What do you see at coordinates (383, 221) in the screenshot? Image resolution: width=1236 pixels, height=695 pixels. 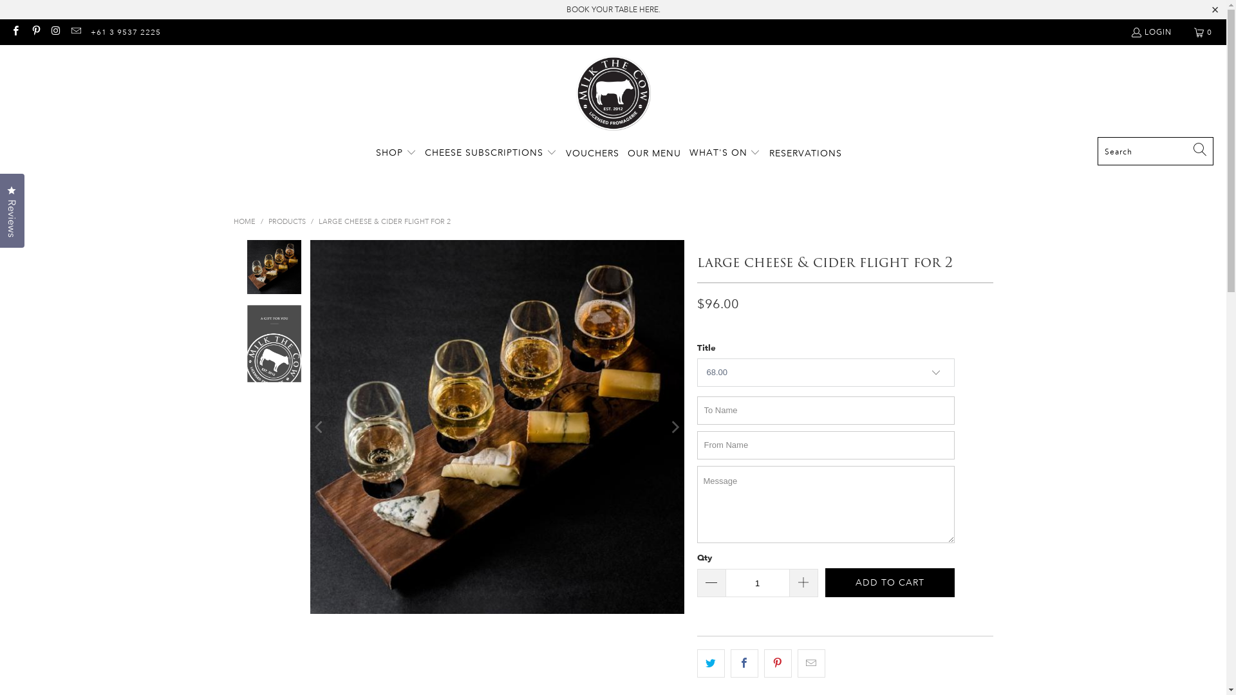 I see `'LARGE CHEESE & CIDER FLIGHT FOR 2'` at bounding box center [383, 221].